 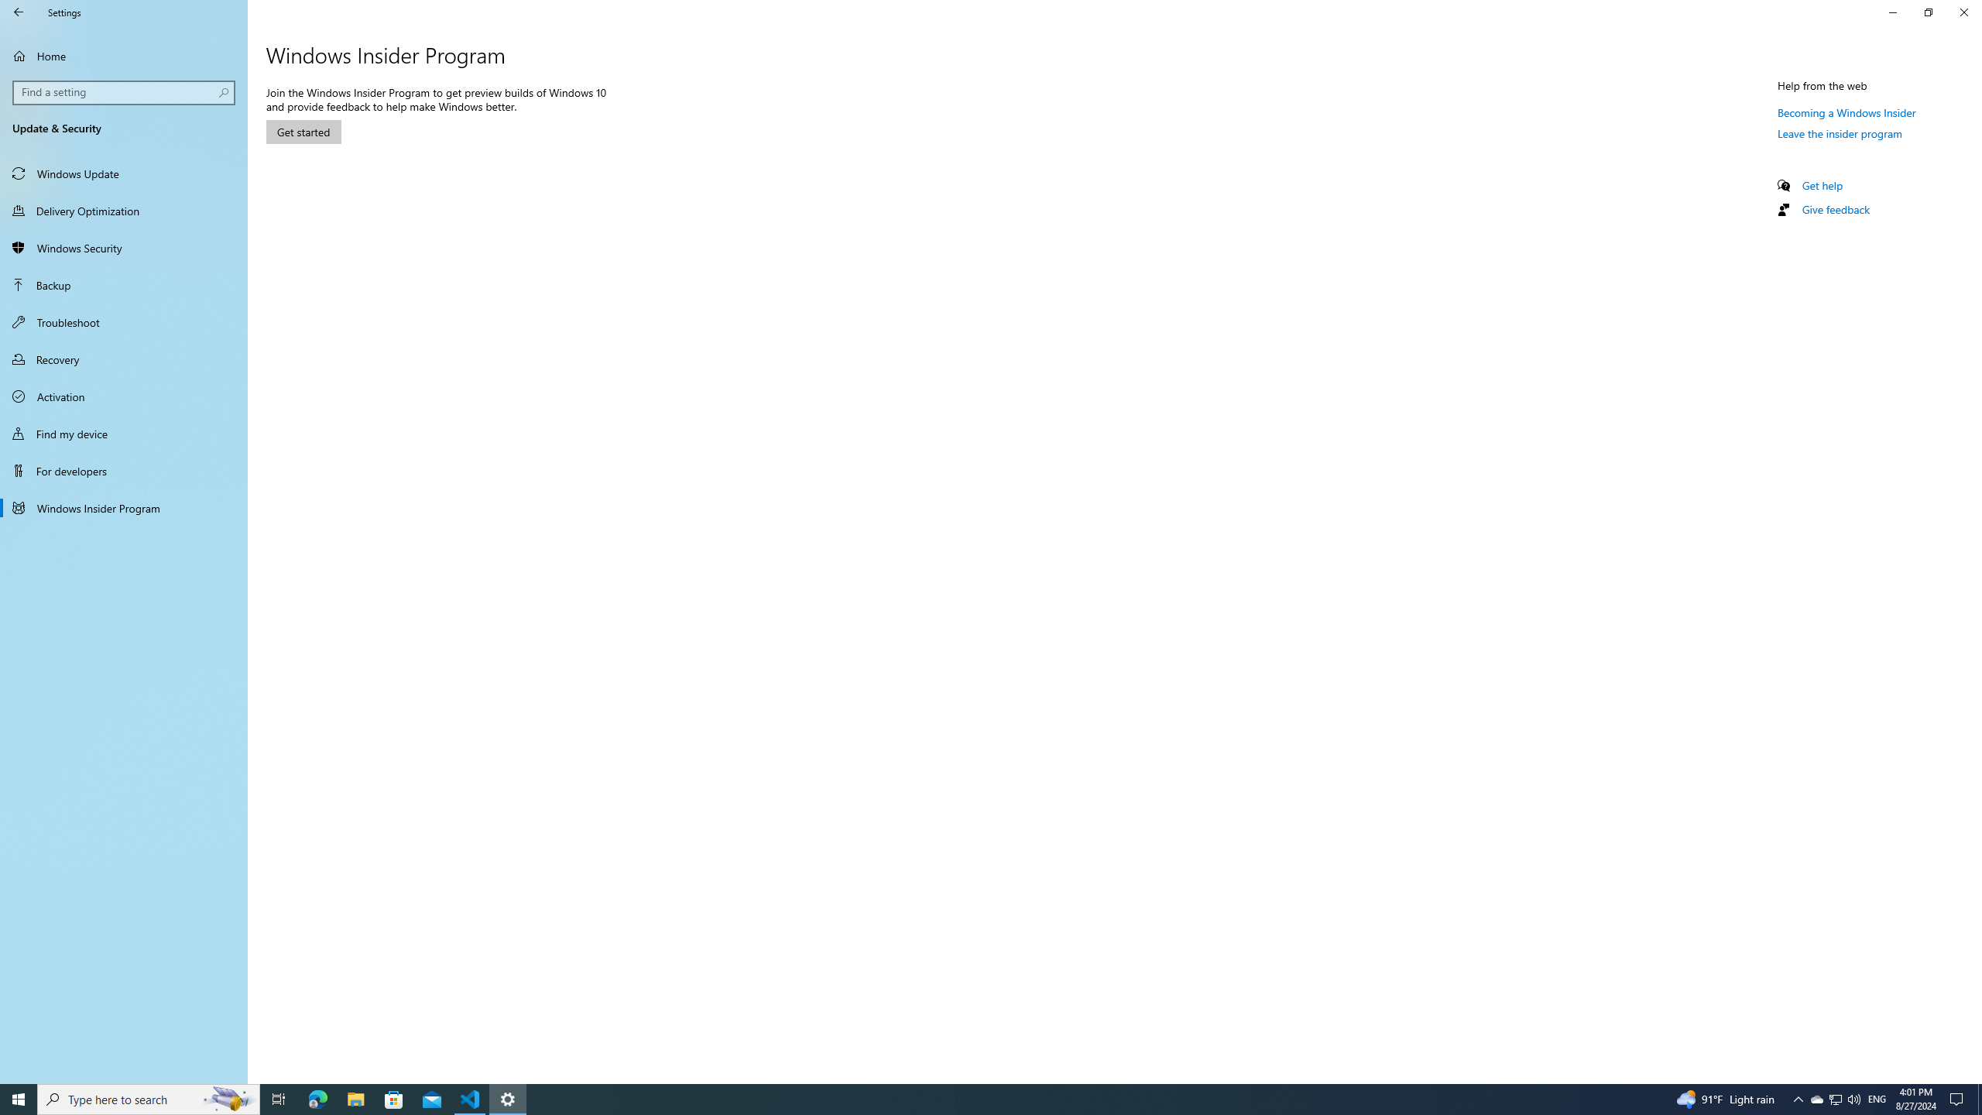 What do you see at coordinates (303, 131) in the screenshot?
I see `'Get started'` at bounding box center [303, 131].